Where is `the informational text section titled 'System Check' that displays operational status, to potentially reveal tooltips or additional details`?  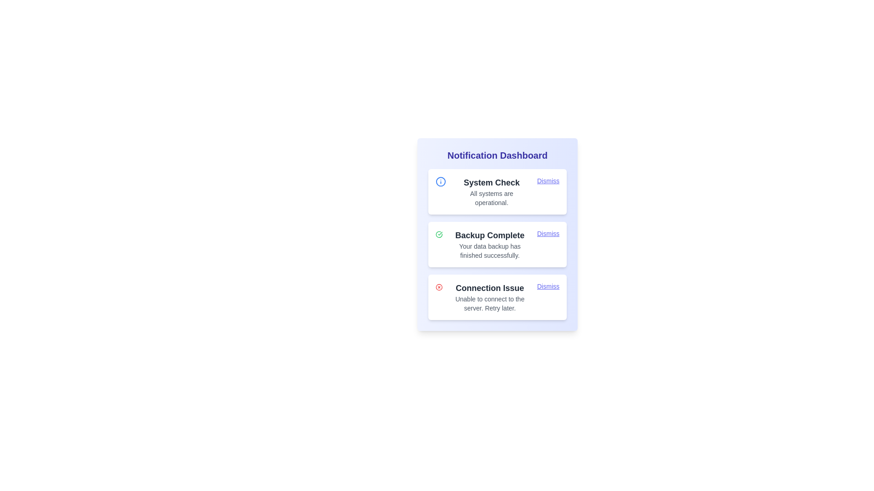 the informational text section titled 'System Check' that displays operational status, to potentially reveal tooltips or additional details is located at coordinates (491, 191).